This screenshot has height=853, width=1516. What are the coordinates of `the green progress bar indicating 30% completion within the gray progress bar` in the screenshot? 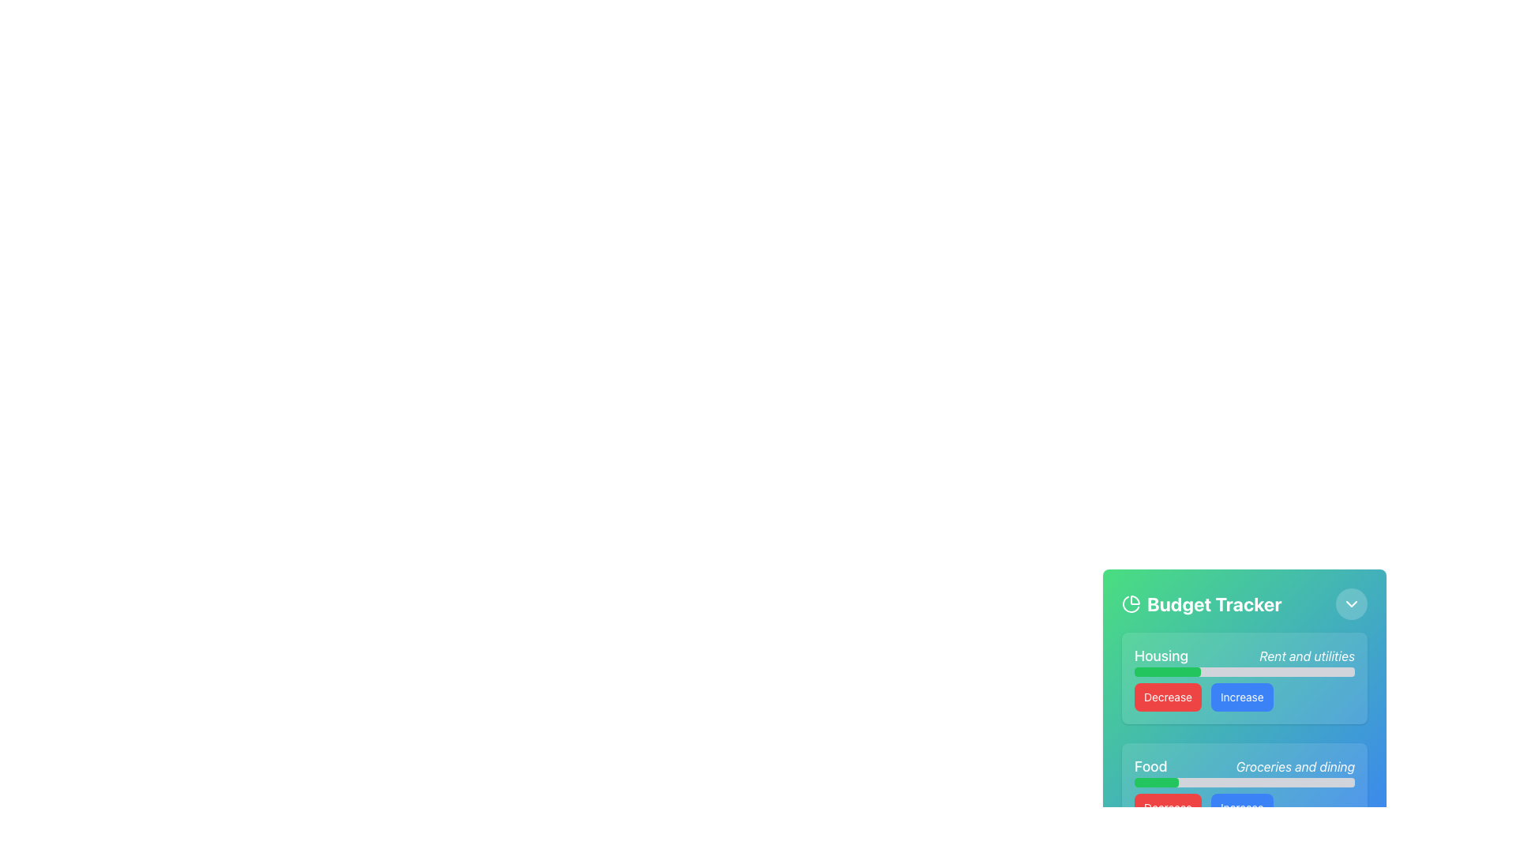 It's located at (1167, 672).